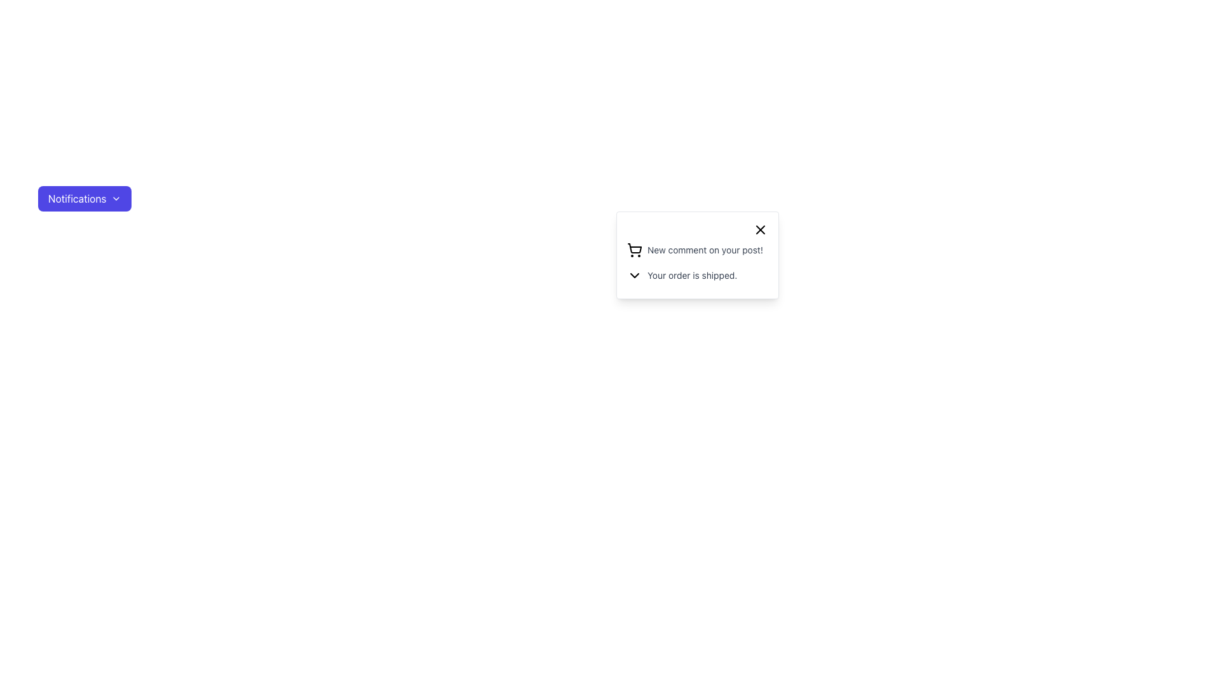  I want to click on the close button represented by an 'X' shape located in the upper-right corner of the notification card modal, so click(760, 230).